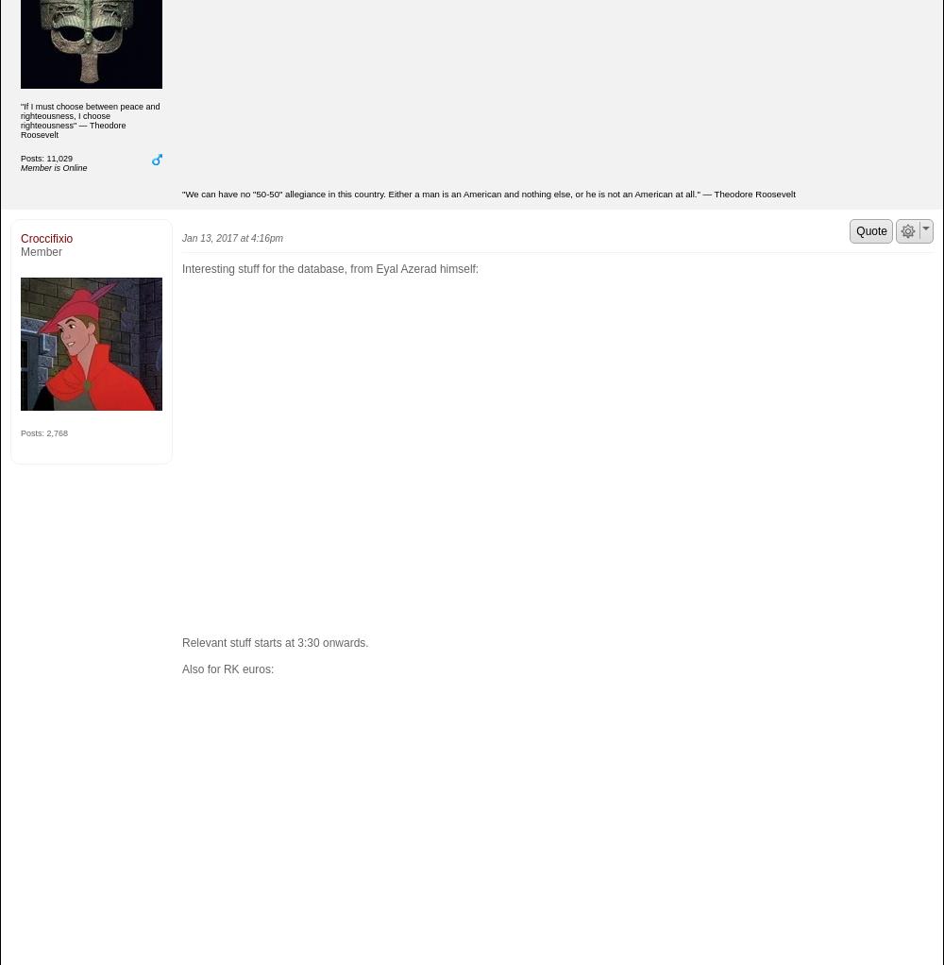 This screenshot has height=965, width=944. I want to click on '"We can have no "50-50" allegiance in this country. Either a man is an American and nothing else, or he is not an American at all." — Theodore Roosevelt', so click(488, 194).